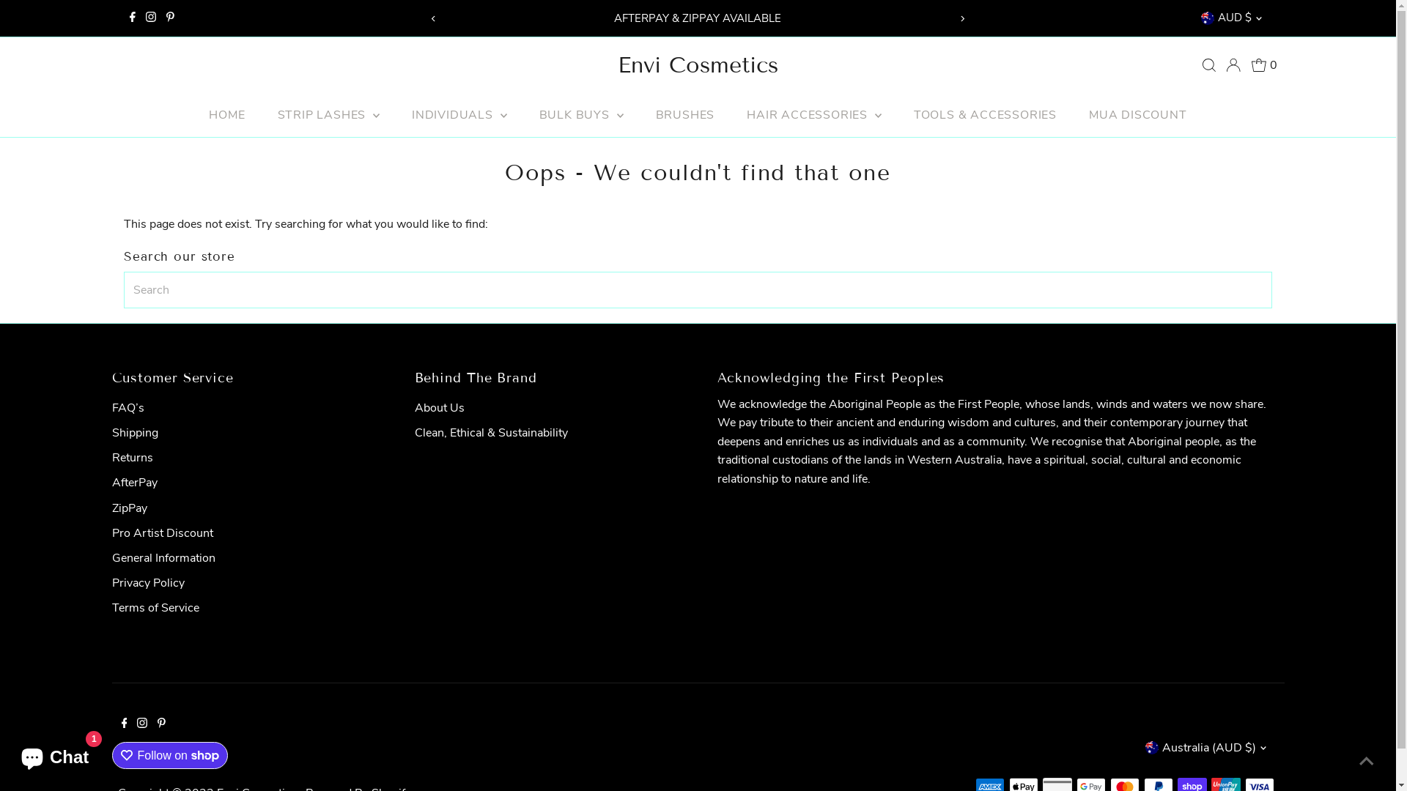 This screenshot has height=791, width=1407. I want to click on '0', so click(1263, 64).